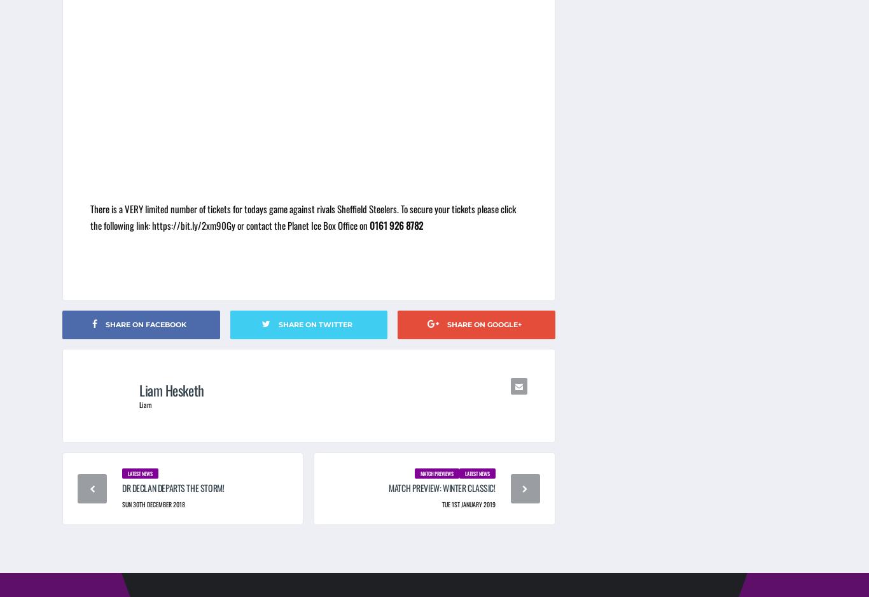 This screenshot has height=597, width=869. What do you see at coordinates (446, 323) in the screenshot?
I see `'Share on Google+'` at bounding box center [446, 323].